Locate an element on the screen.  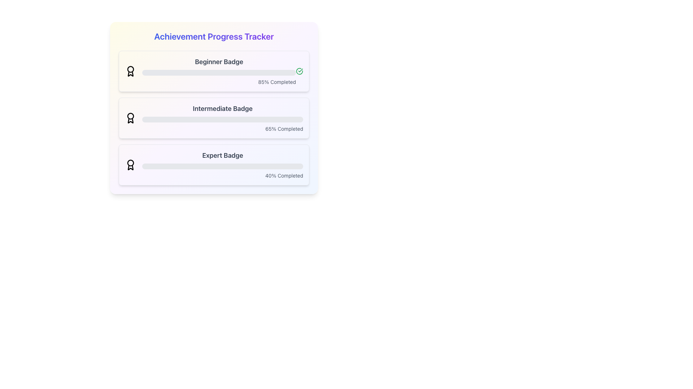
the 'Beginner Badge' milestone completion icon located at the top-right corner of the 'Beginner Badge' card, adjacent to the percentage progress bar and text is located at coordinates (300, 71).